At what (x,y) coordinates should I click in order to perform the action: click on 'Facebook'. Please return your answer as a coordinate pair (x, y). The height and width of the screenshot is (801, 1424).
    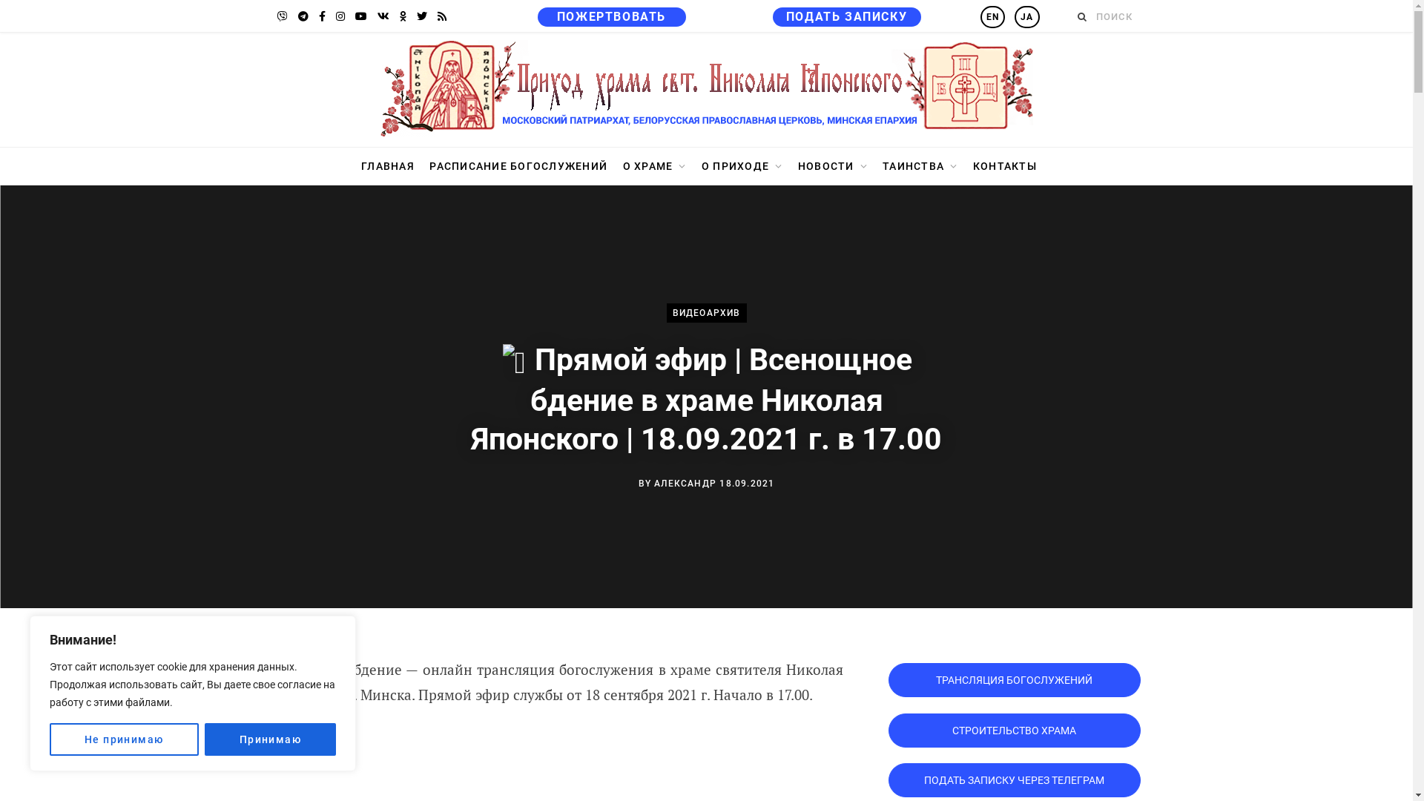
    Looking at the image, I should click on (313, 16).